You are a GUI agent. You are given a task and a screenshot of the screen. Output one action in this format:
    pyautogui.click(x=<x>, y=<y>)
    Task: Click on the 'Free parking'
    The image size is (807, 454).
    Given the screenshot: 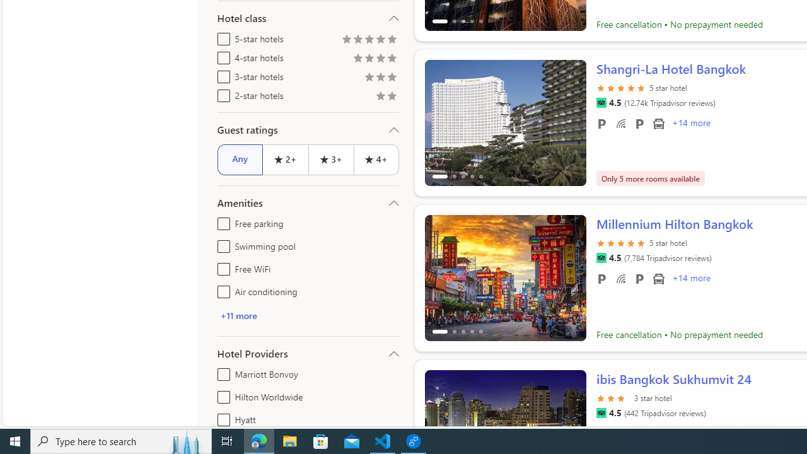 What is the action you would take?
    pyautogui.click(x=221, y=221)
    